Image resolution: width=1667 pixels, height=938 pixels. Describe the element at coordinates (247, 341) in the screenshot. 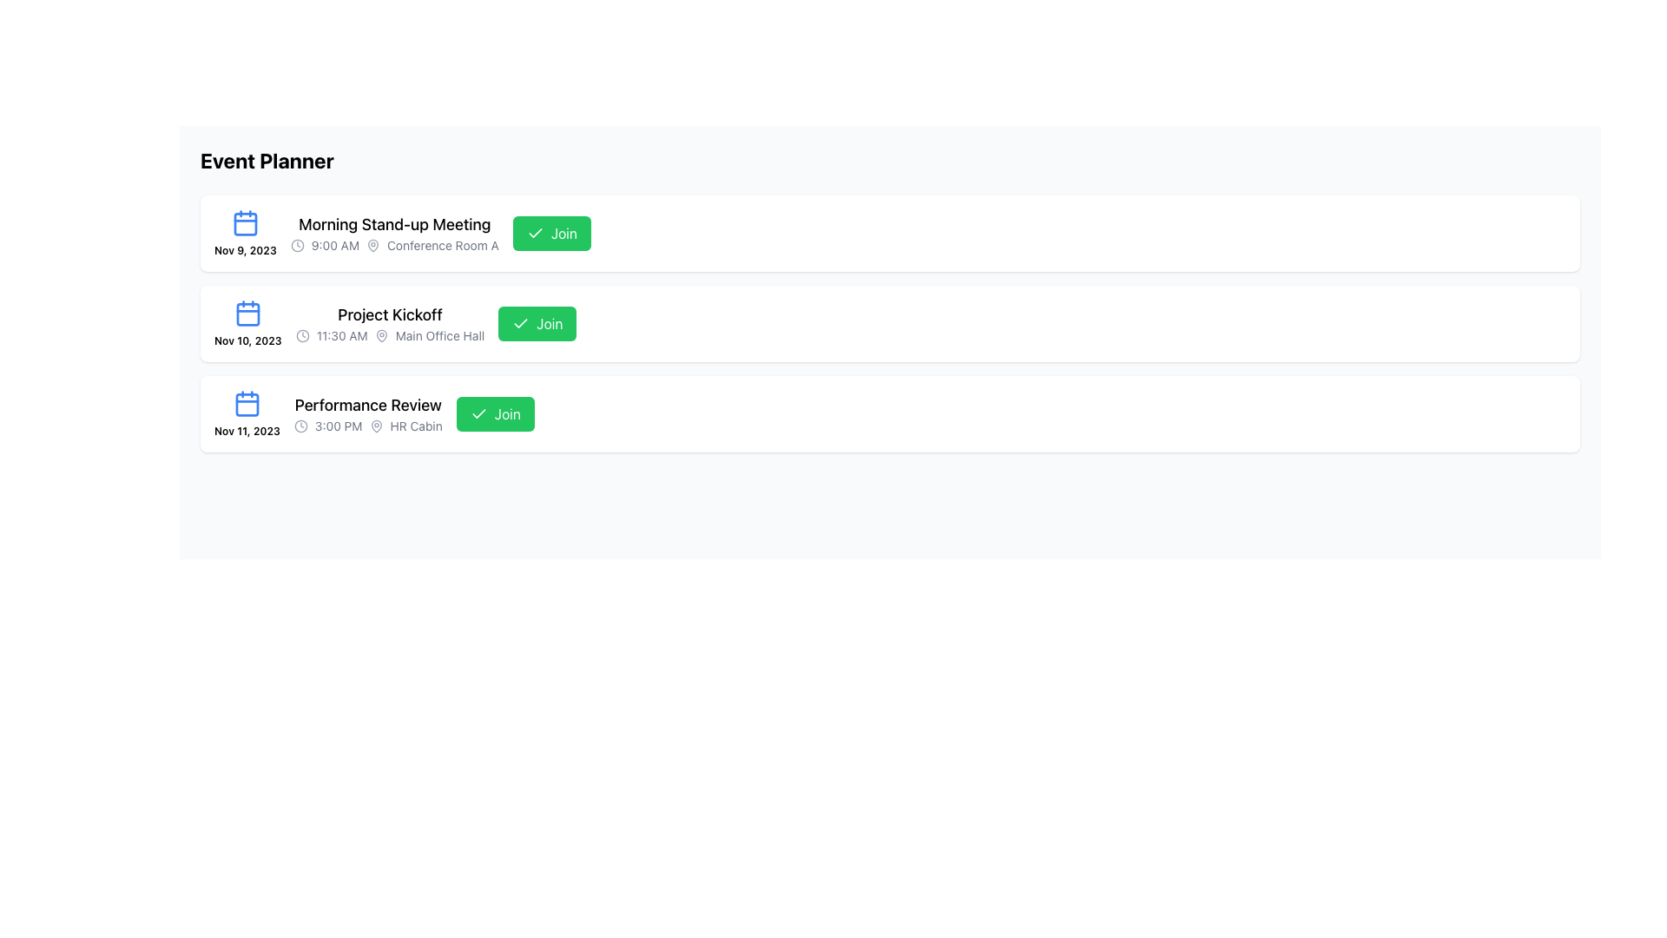

I see `text label displaying the date 'Nov 10, 2023' located below the calendar icon in the second event card, aligned to the left` at that location.